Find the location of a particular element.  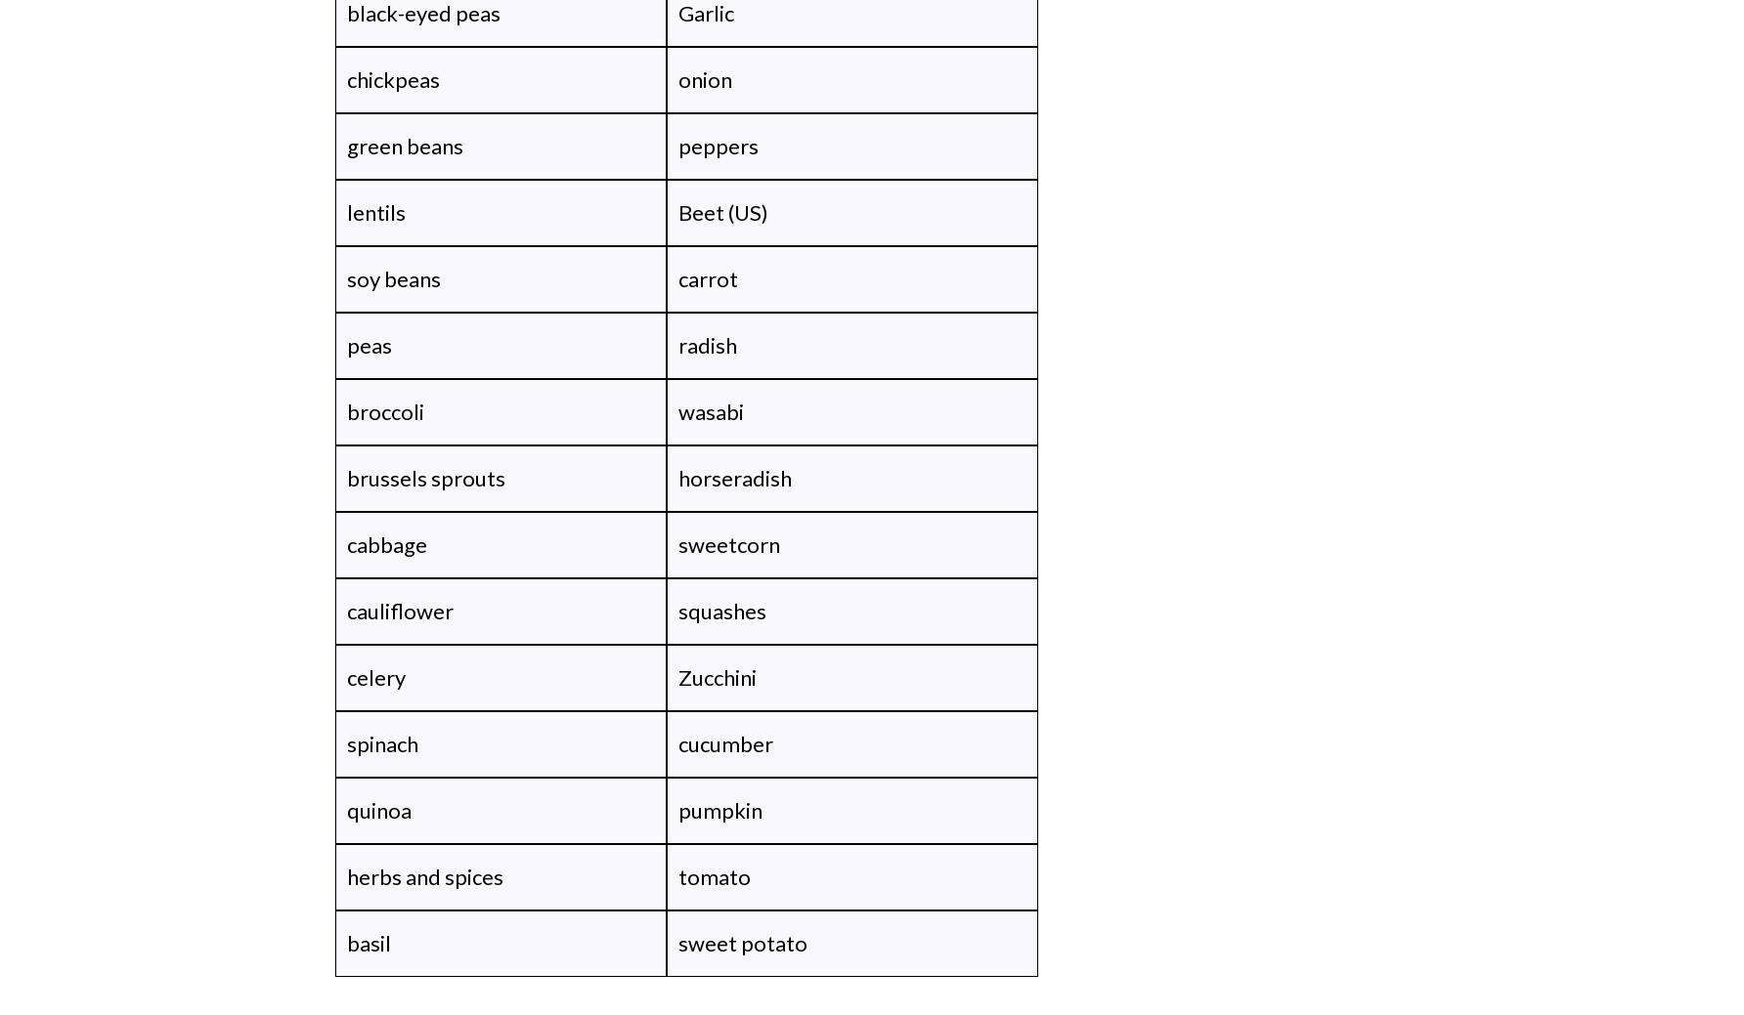

'lentils' is located at coordinates (374, 212).